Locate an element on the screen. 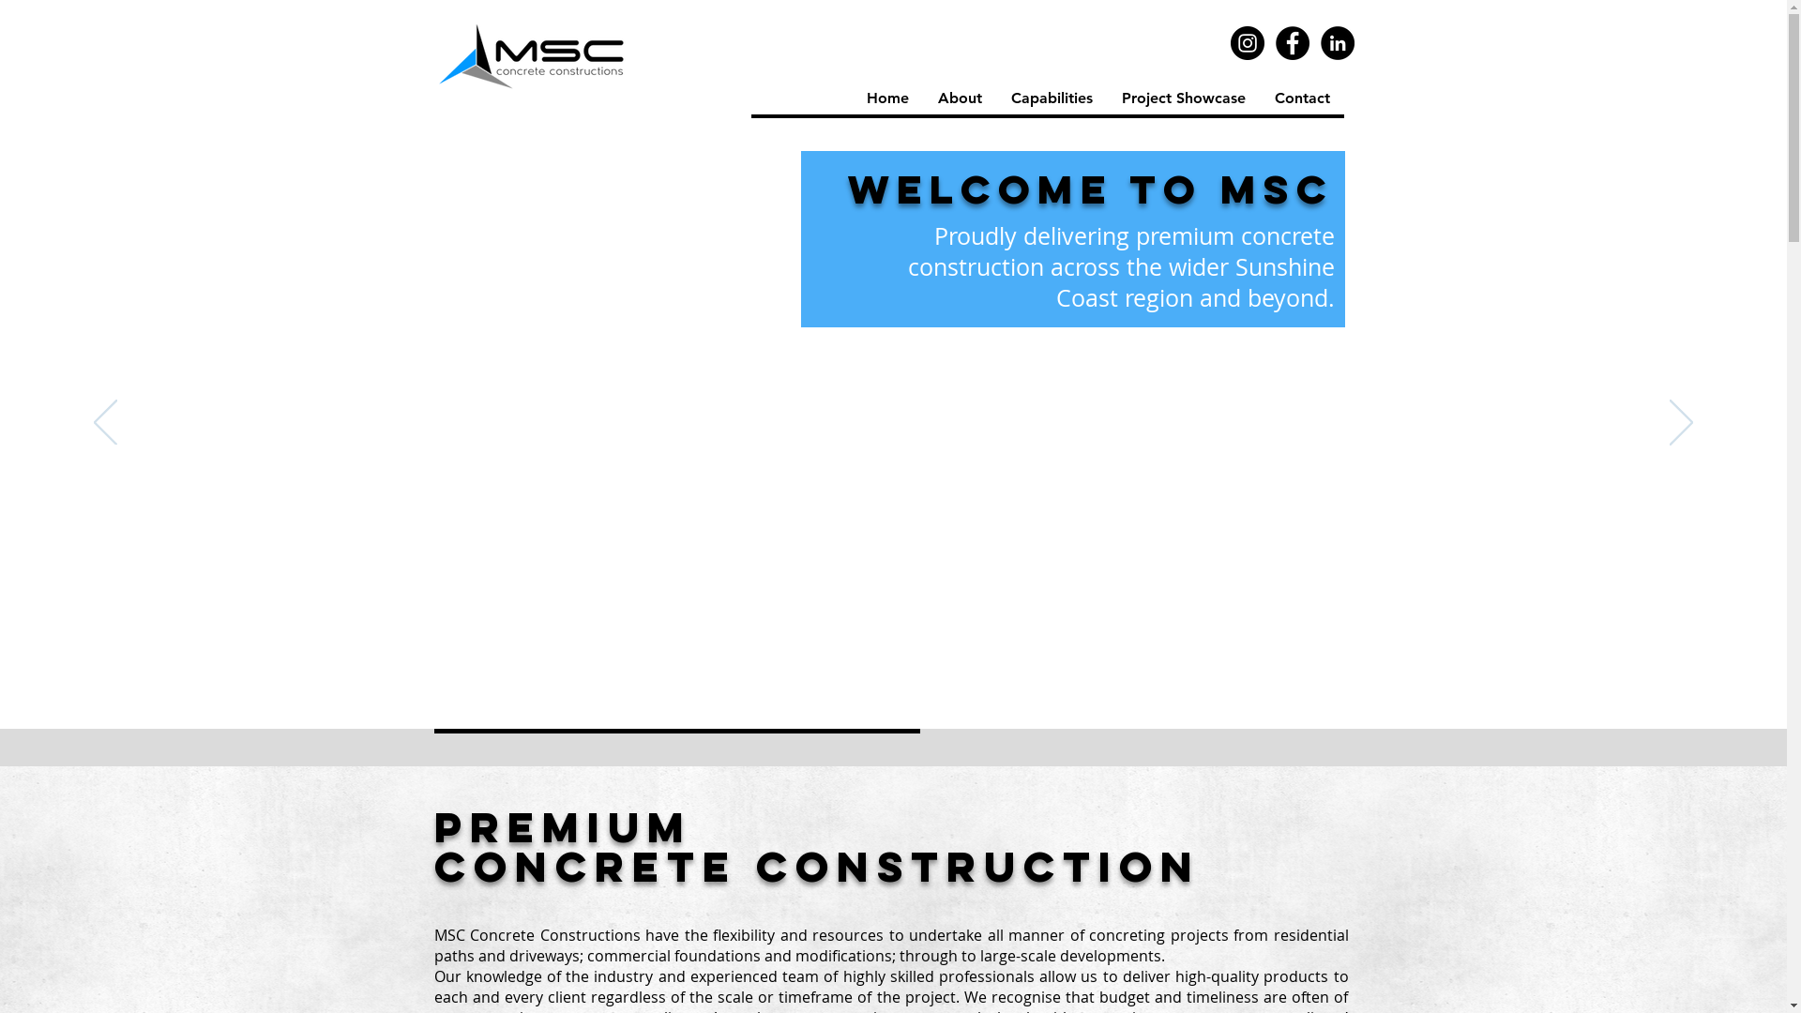  'Home' is located at coordinates (885, 98).